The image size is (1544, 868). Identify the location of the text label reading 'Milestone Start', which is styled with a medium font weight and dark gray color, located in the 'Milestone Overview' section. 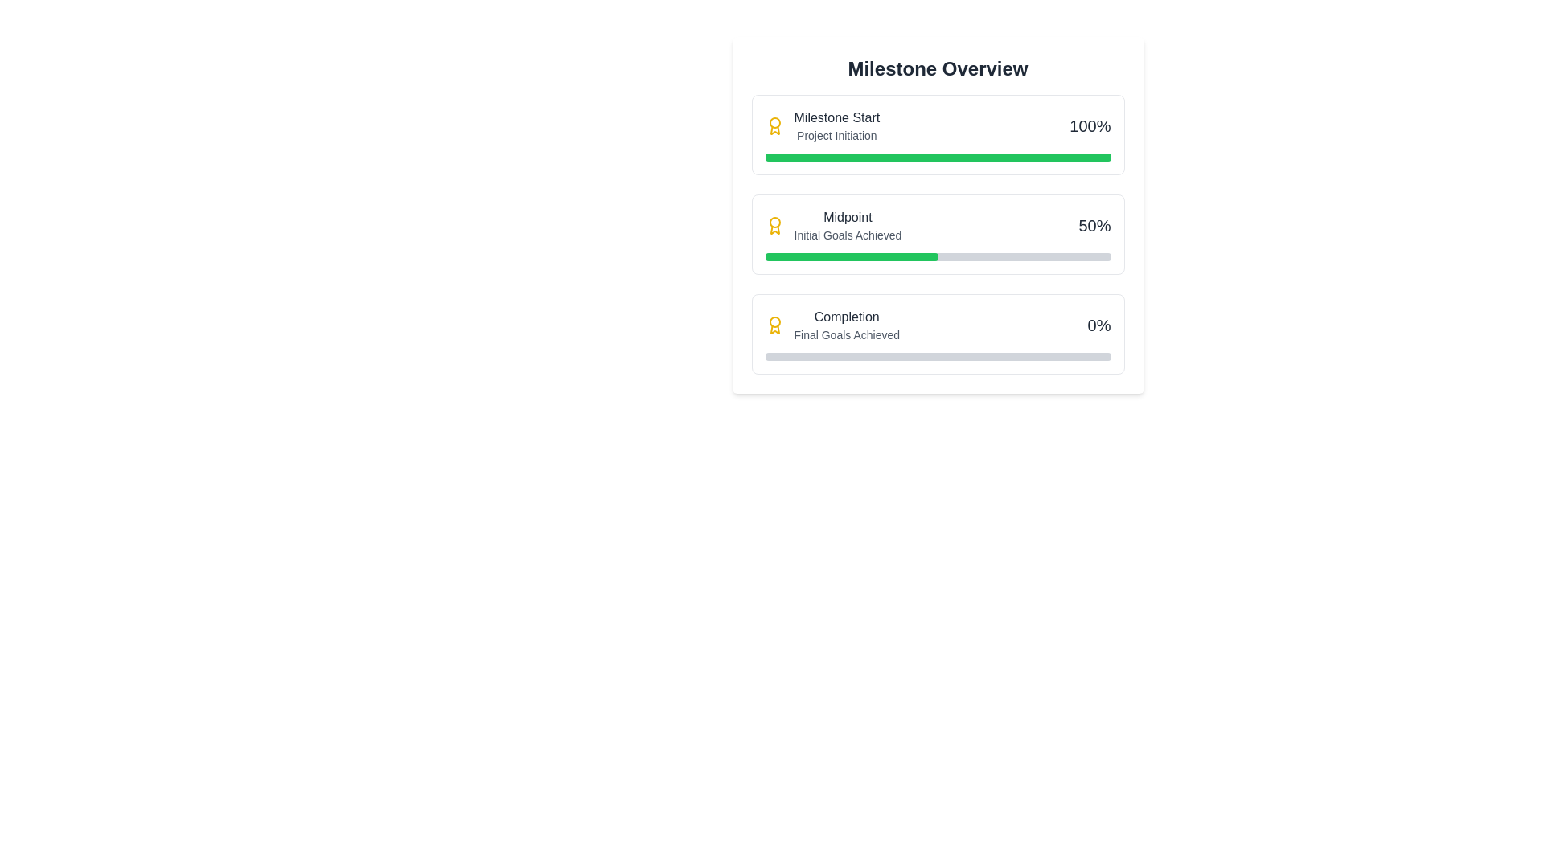
(836, 117).